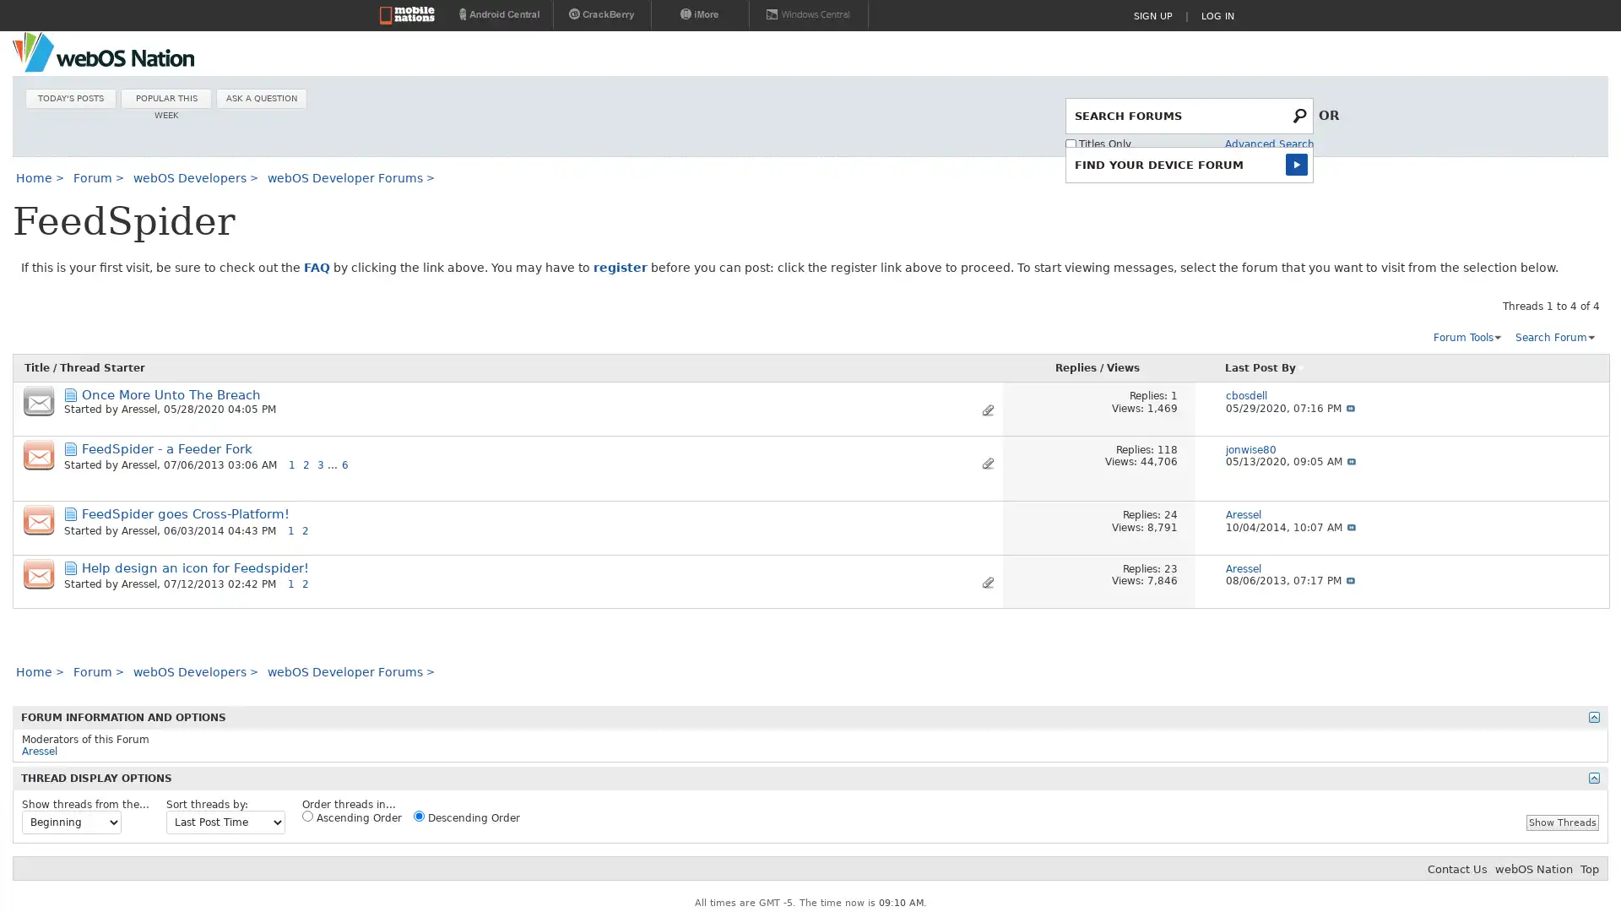 The image size is (1621, 912). Describe the element at coordinates (1299, 163) in the screenshot. I see `Submit` at that location.